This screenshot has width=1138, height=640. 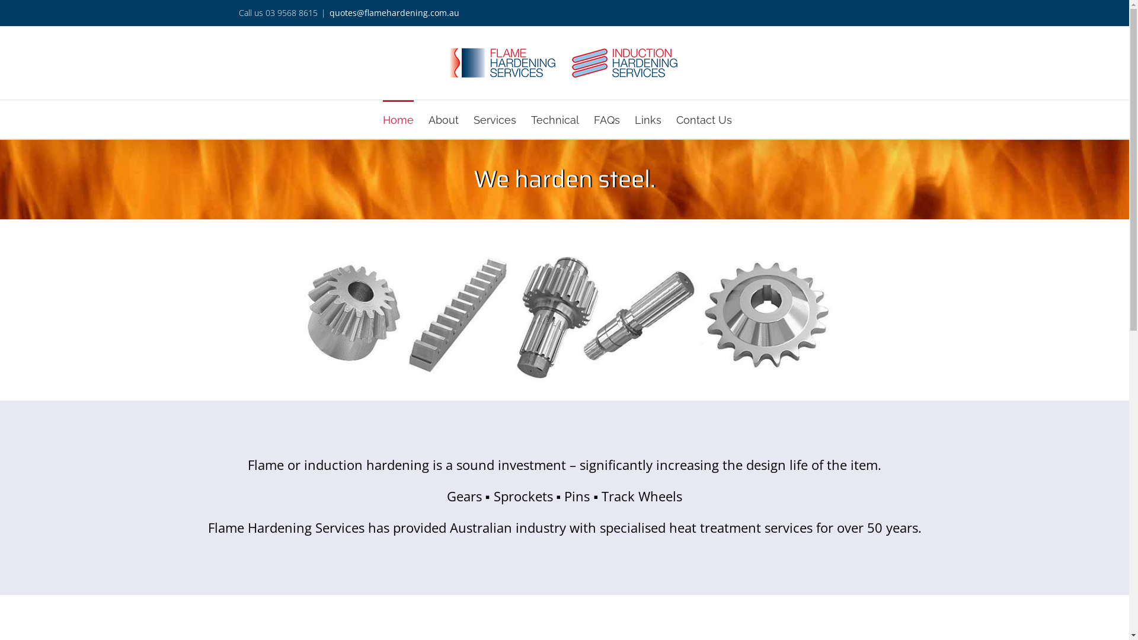 I want to click on 'Technical', so click(x=554, y=119).